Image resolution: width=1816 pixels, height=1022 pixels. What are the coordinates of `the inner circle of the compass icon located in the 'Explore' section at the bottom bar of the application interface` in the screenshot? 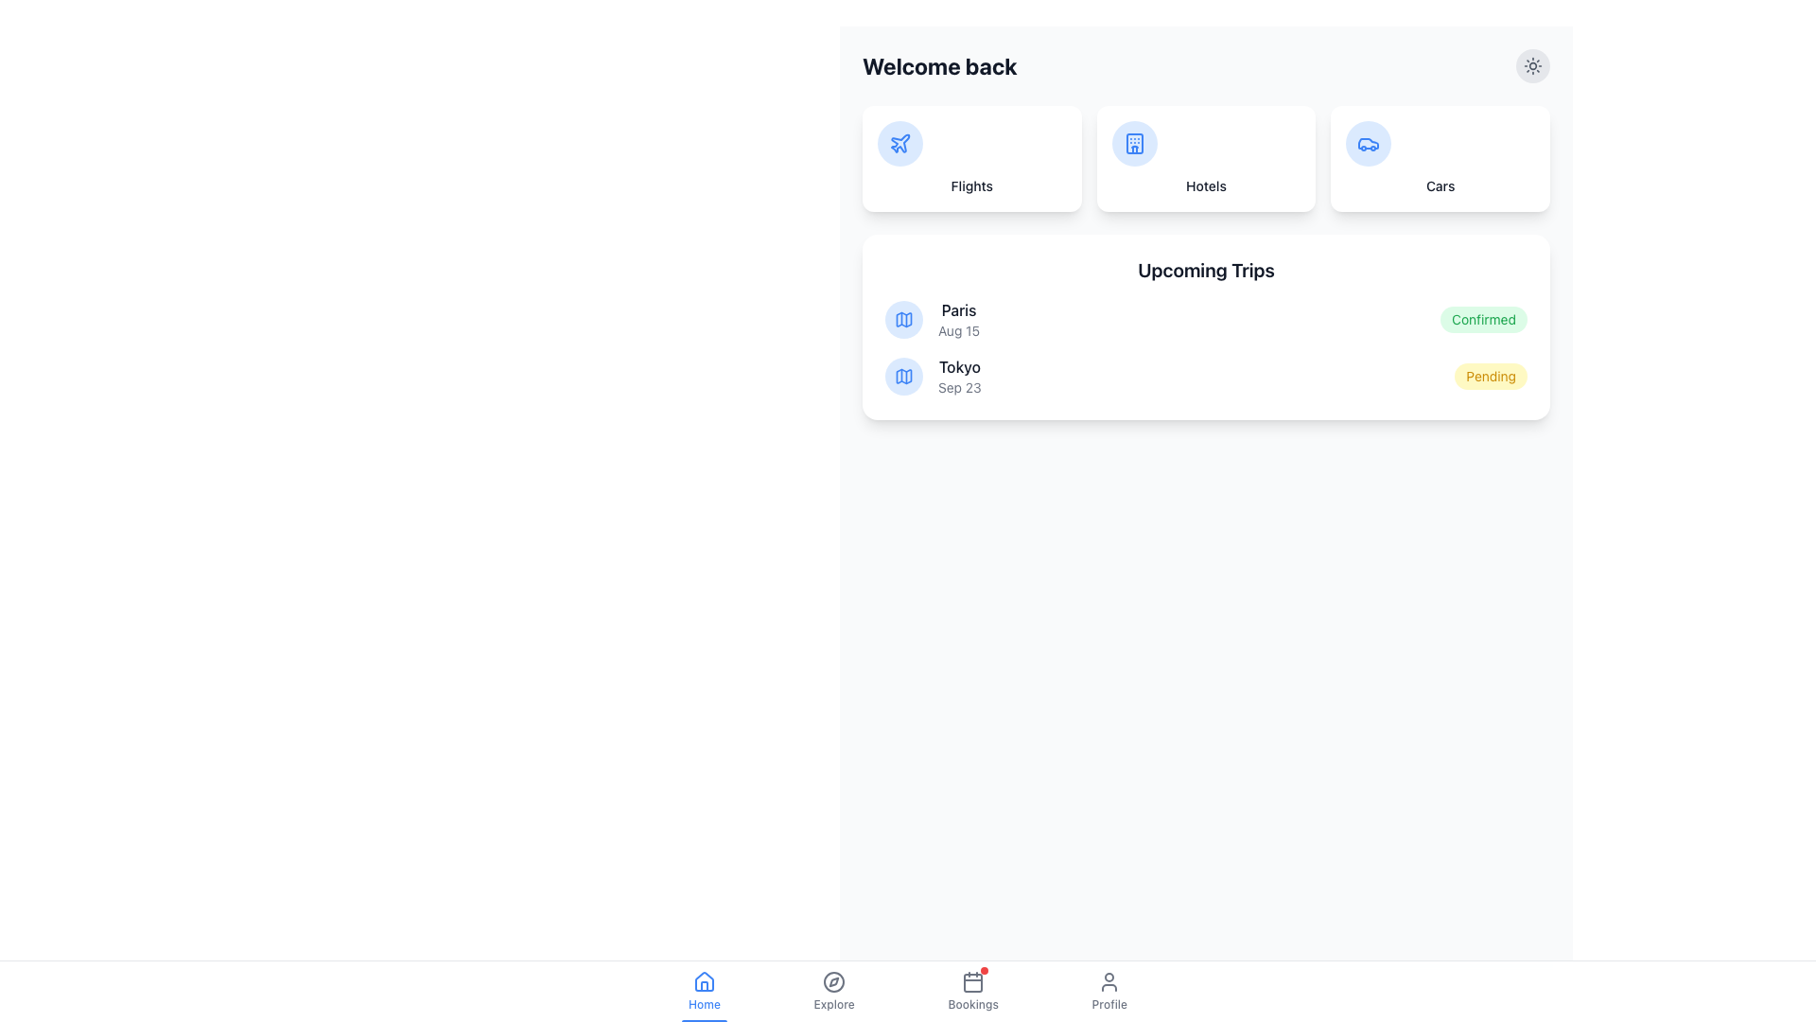 It's located at (833, 980).